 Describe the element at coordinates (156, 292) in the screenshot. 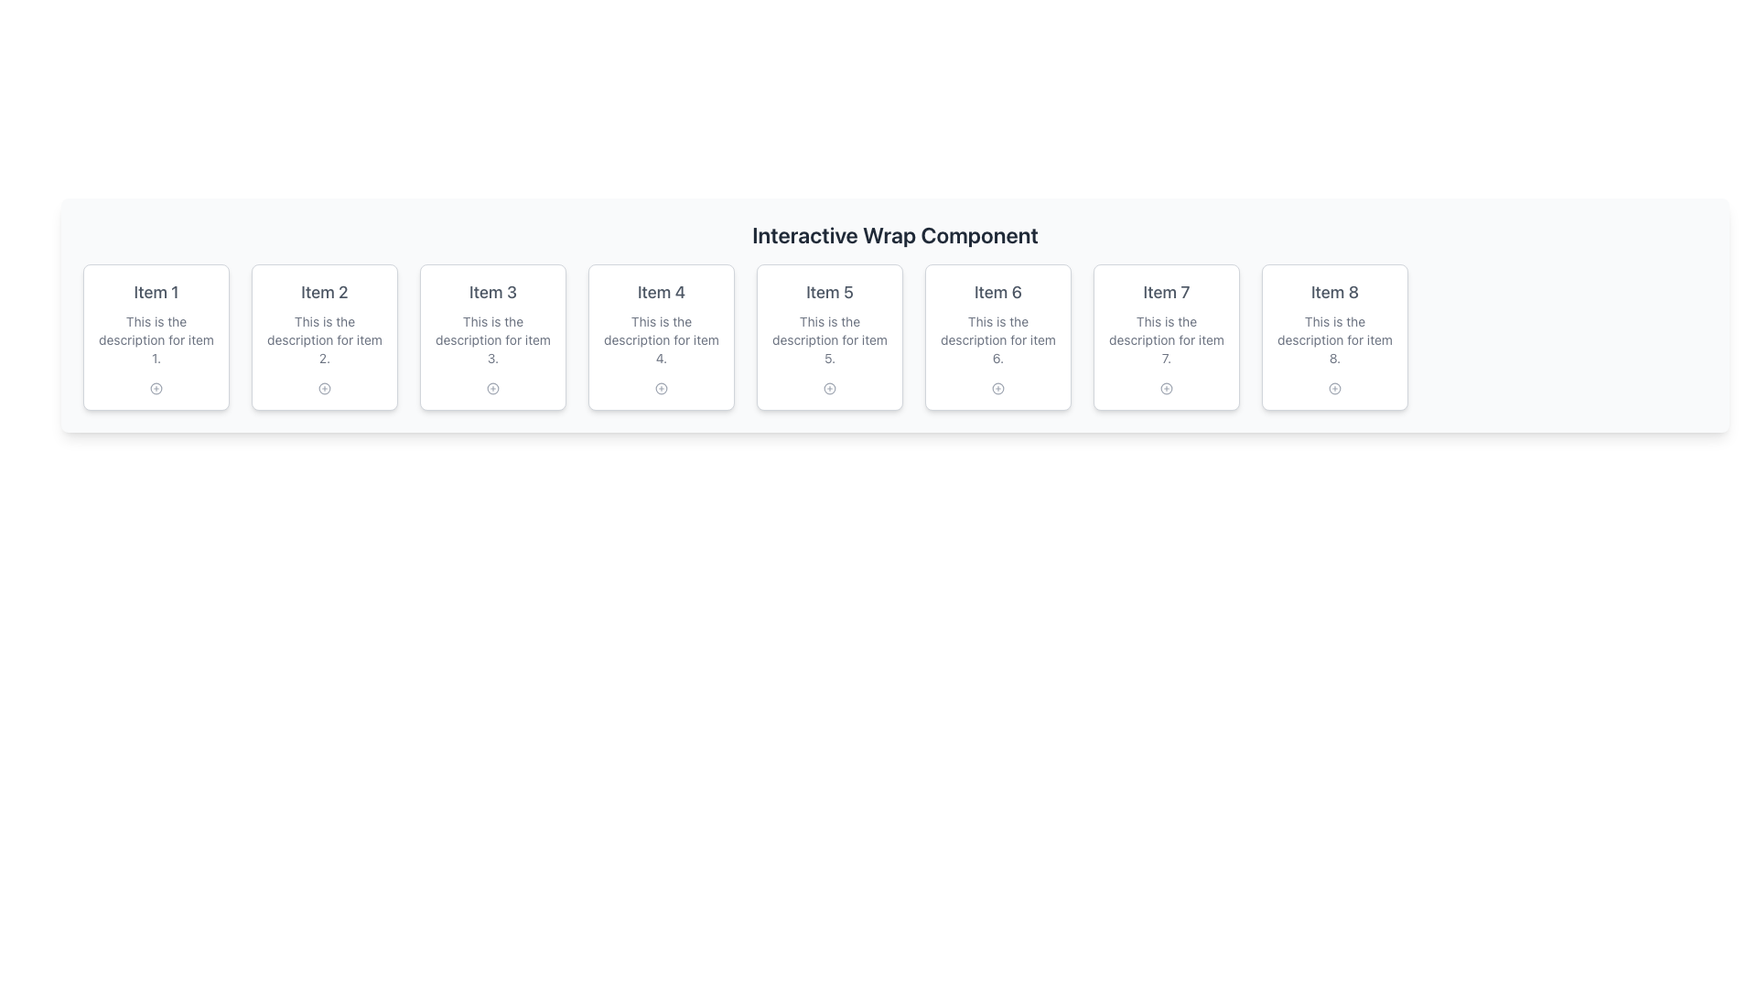

I see `the text label that serves as the title for the card, located at the top-left corner of the first card in the grid` at that location.